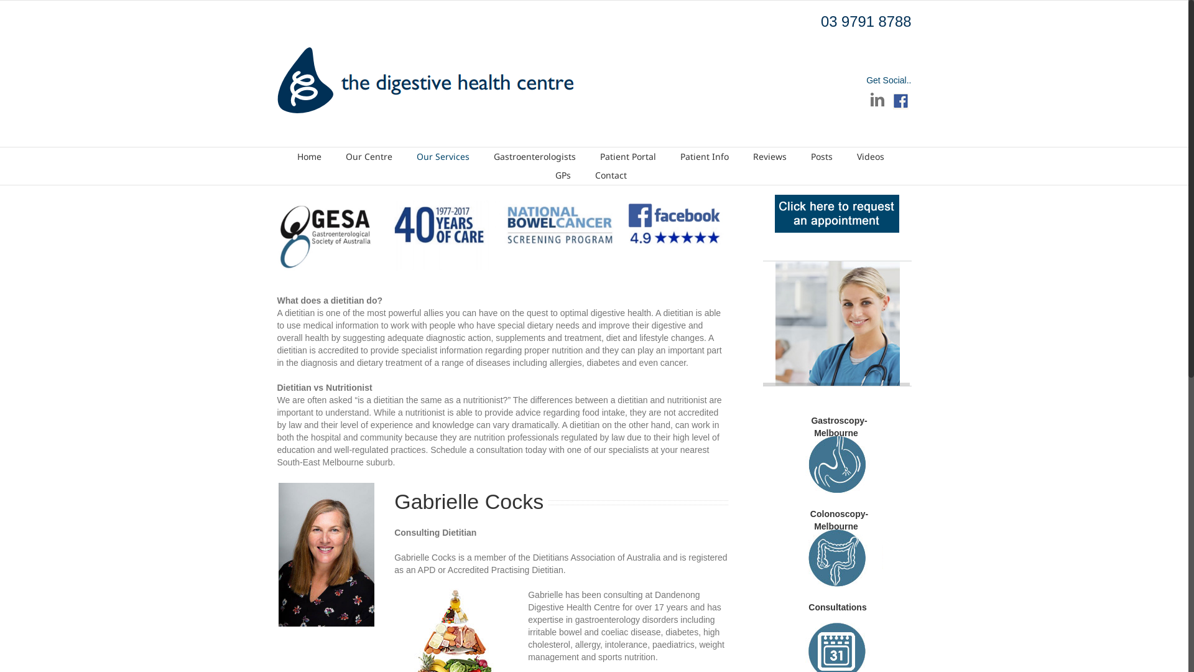  I want to click on 'Videos', so click(870, 156).